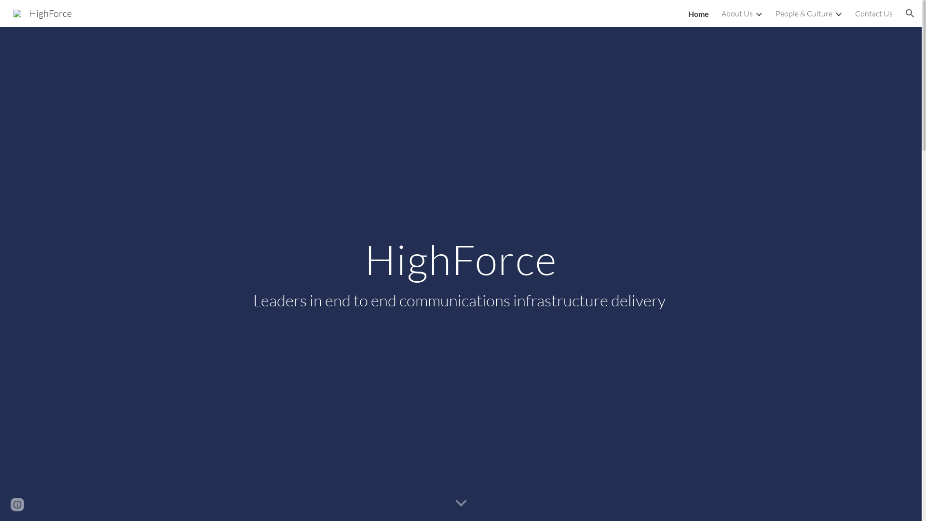  I want to click on 'HighForce', so click(42, 12).